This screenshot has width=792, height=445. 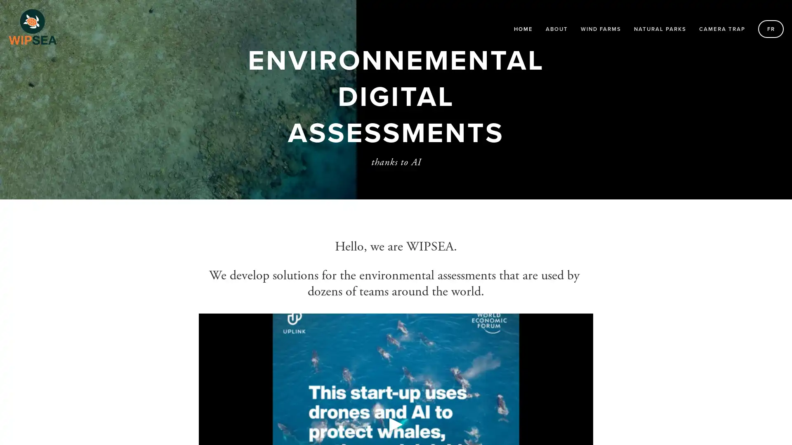 I want to click on Play, so click(x=396, y=424).